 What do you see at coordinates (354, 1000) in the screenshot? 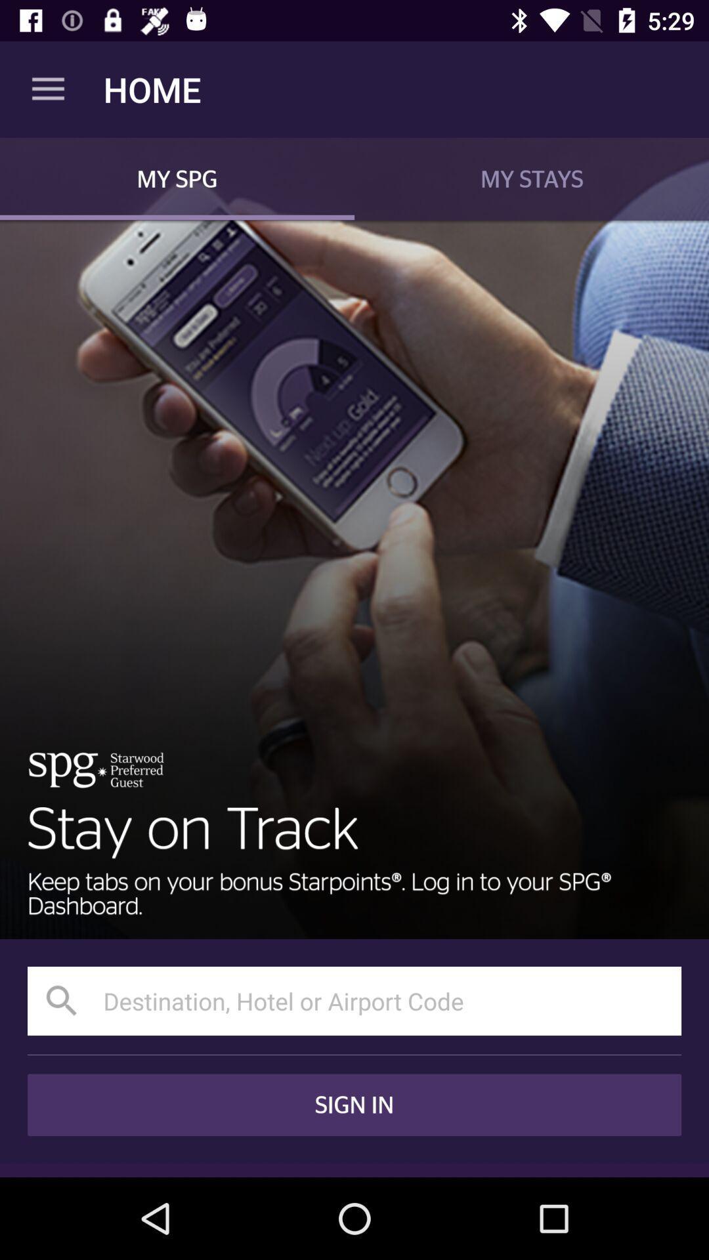
I see `search menu` at bounding box center [354, 1000].